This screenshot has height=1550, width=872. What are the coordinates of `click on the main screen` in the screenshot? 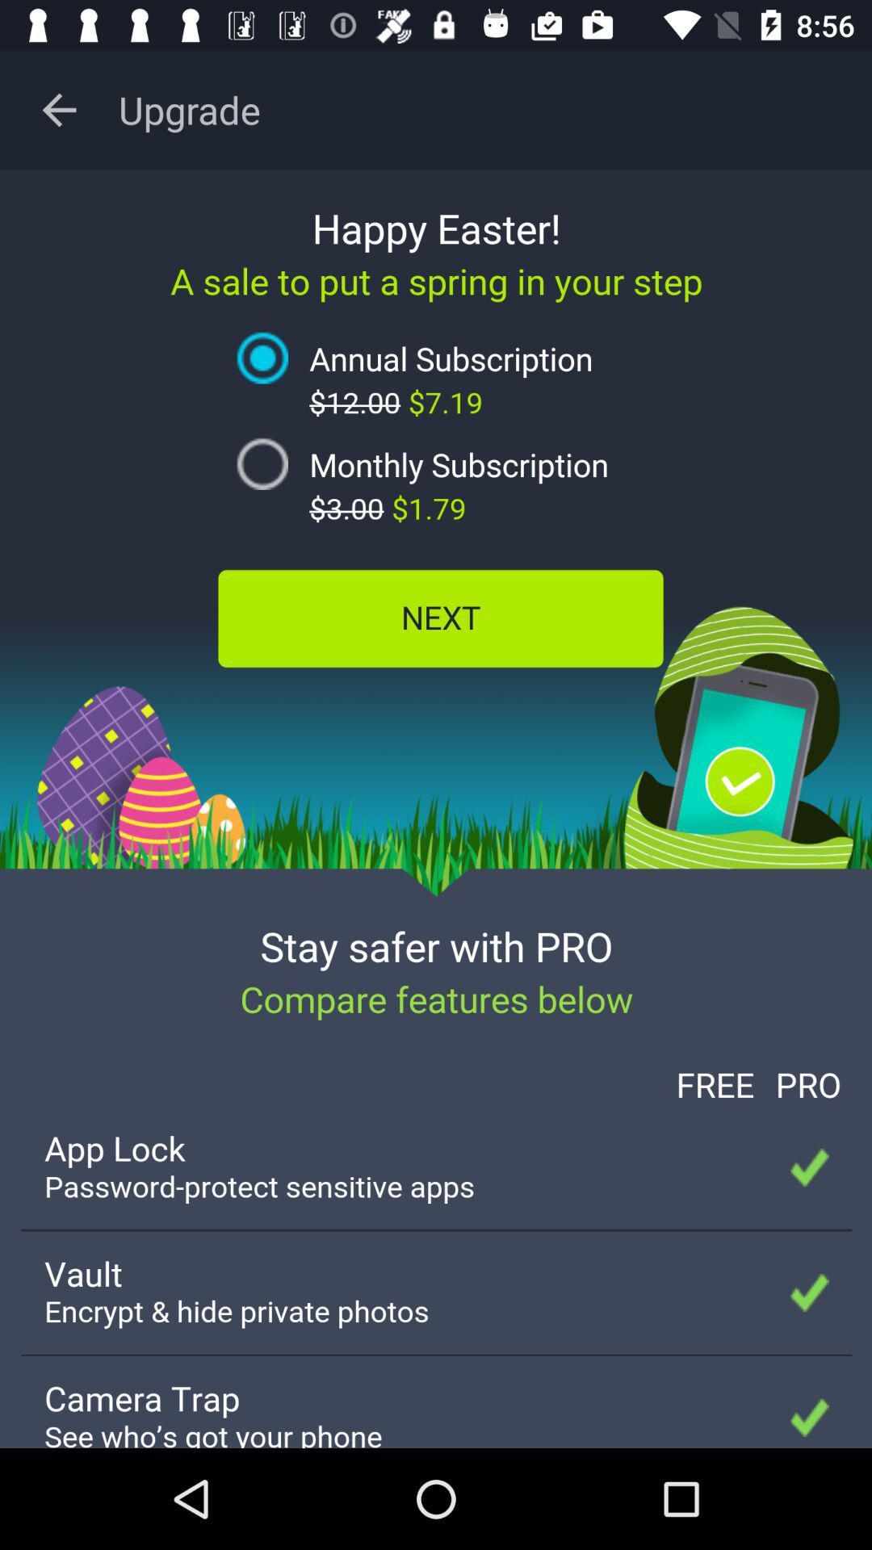 It's located at (436, 809).